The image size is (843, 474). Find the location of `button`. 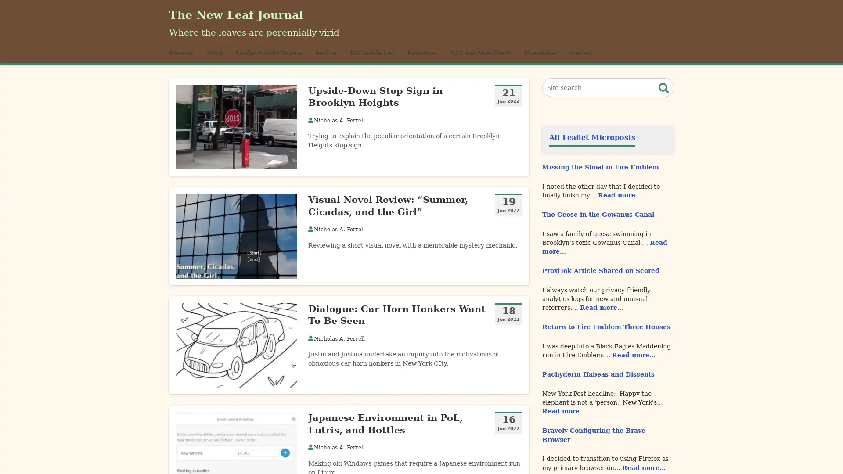

button is located at coordinates (664, 97).